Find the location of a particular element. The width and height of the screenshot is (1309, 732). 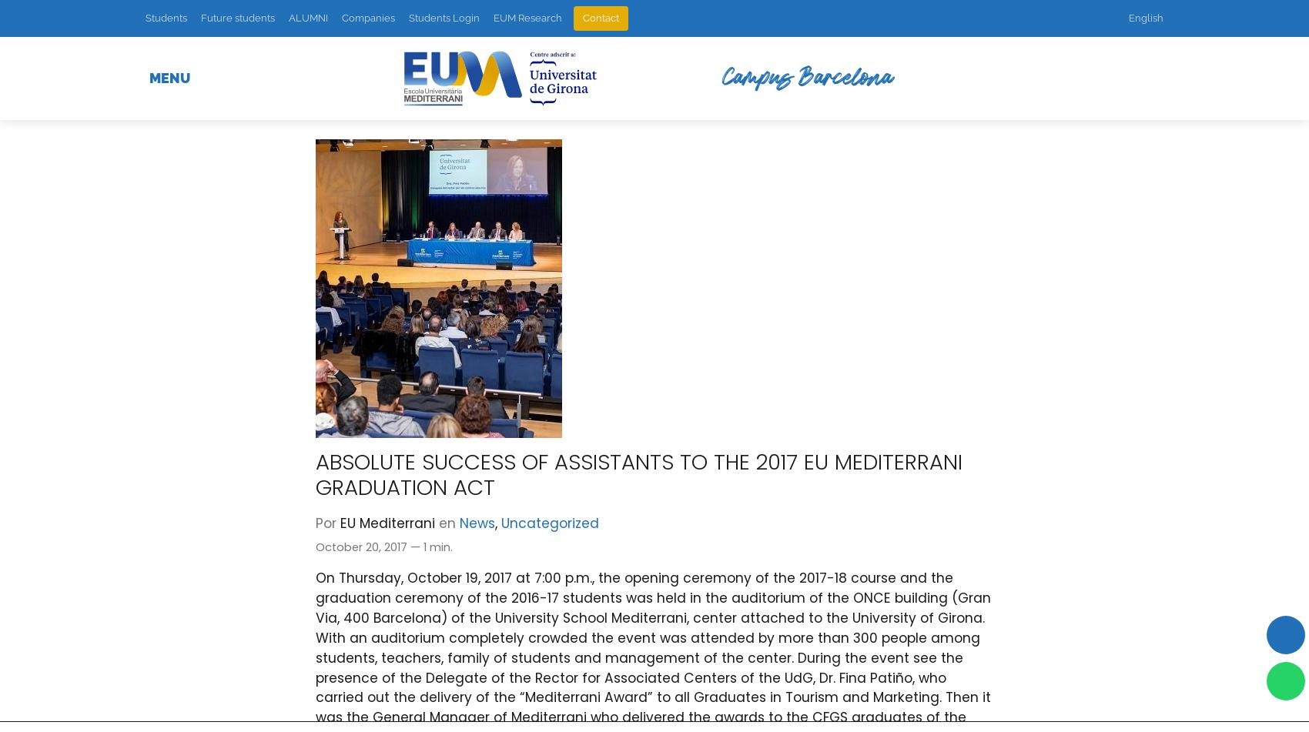

'ALUMNI' is located at coordinates (288, 18).